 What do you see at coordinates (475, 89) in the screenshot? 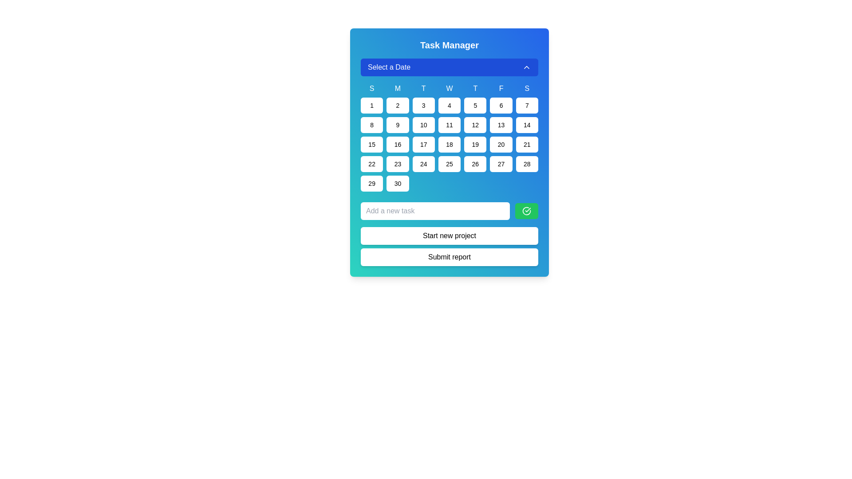
I see `the static text label for Thursday in the calendar interface, which is the fifth item in the row of week labels` at bounding box center [475, 89].